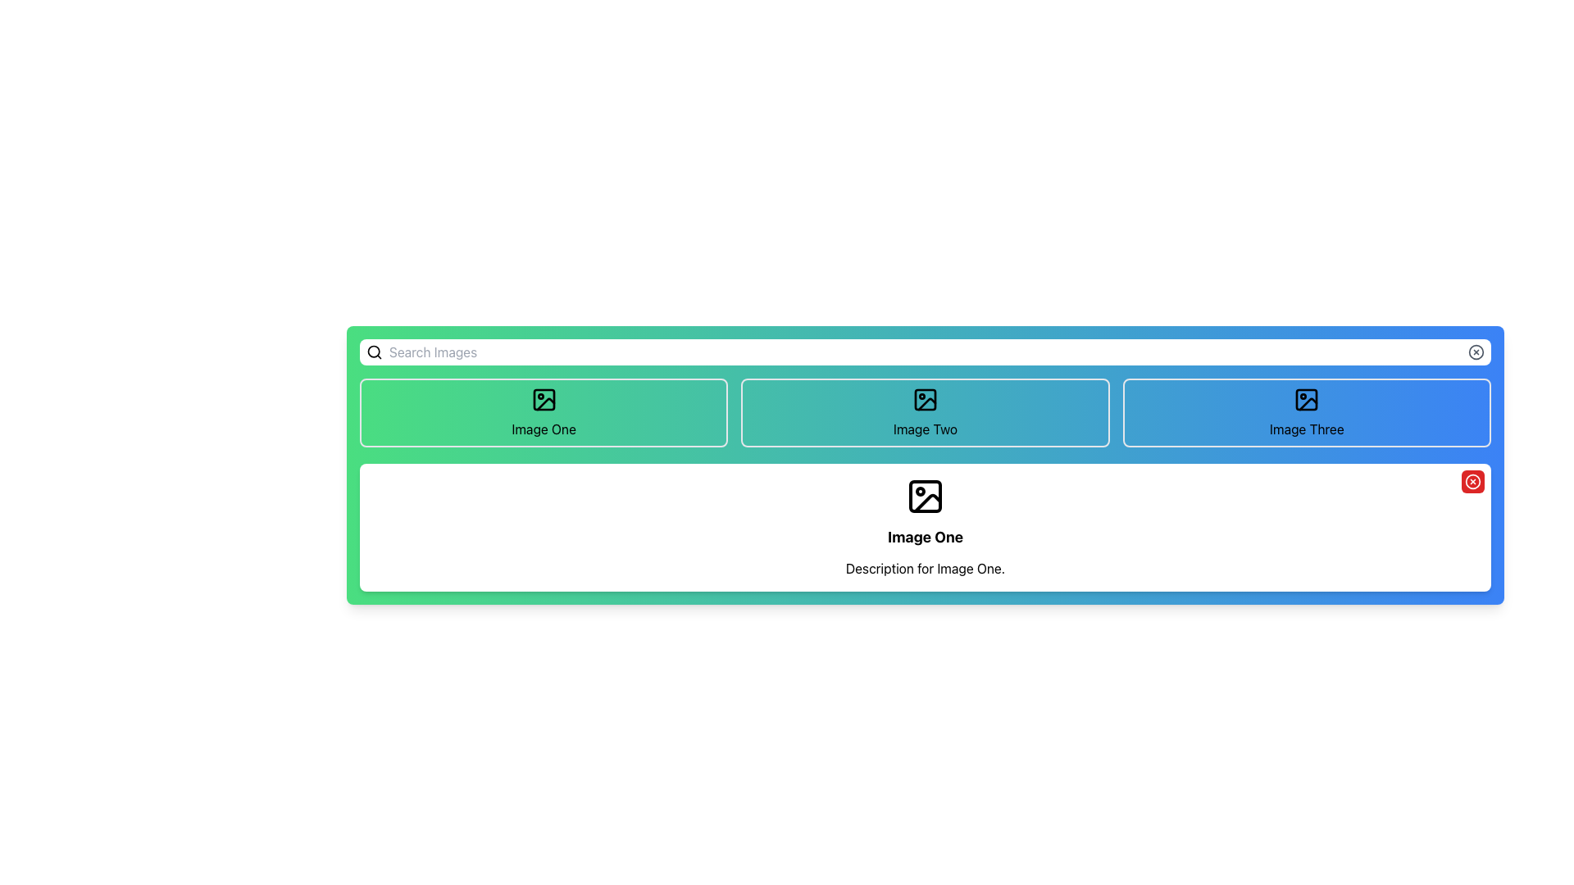 The width and height of the screenshot is (1574, 885). Describe the element at coordinates (925, 412) in the screenshot. I see `the 'Image Two' button, which is the second button in a horizontal row of three buttons at the top-middle area of the interface` at that location.